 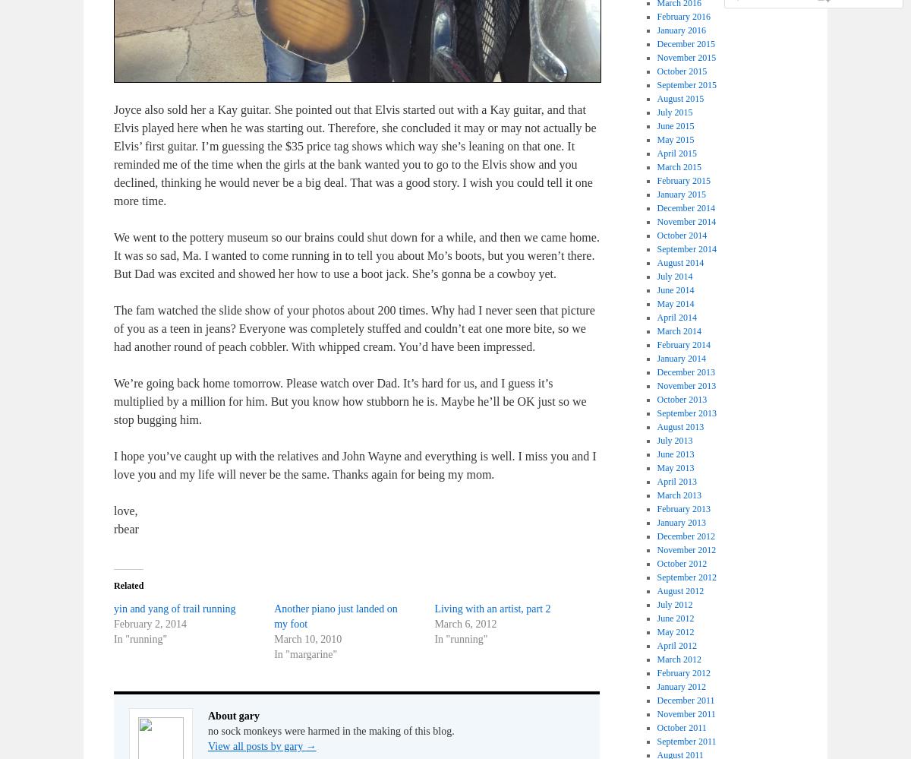 What do you see at coordinates (680, 359) in the screenshot?
I see `'January 2014'` at bounding box center [680, 359].